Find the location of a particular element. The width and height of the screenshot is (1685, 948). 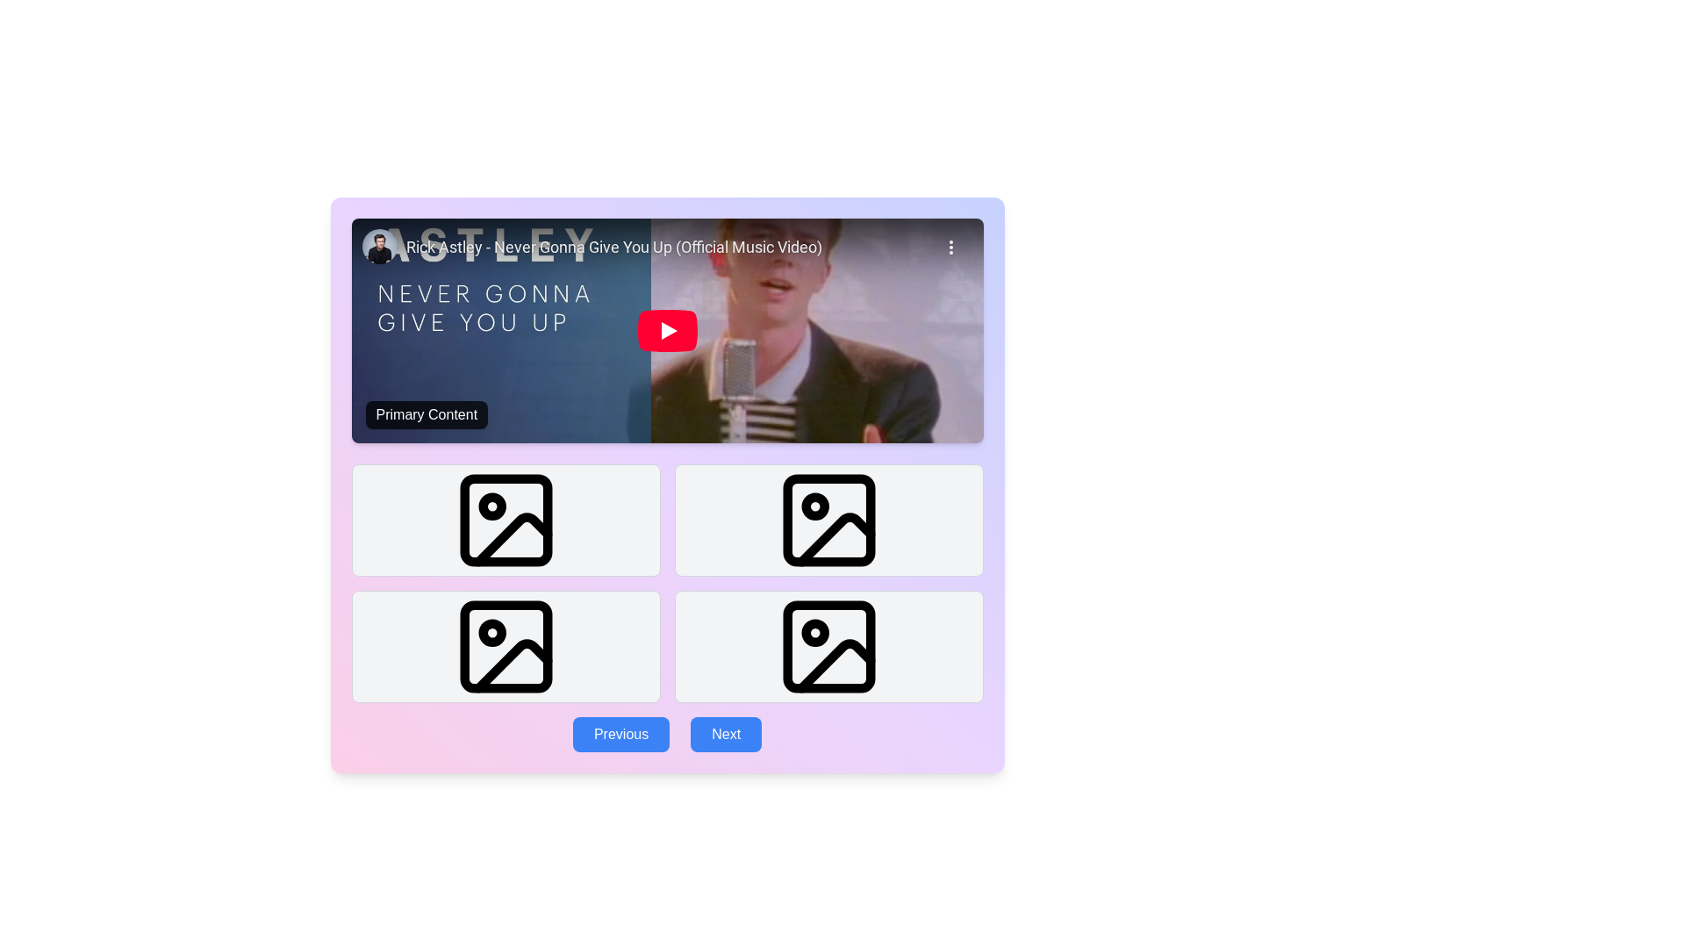

the exploration button located at the bottom of the card in the third row of the second column of a 2x3 grid layout is located at coordinates (505, 646).